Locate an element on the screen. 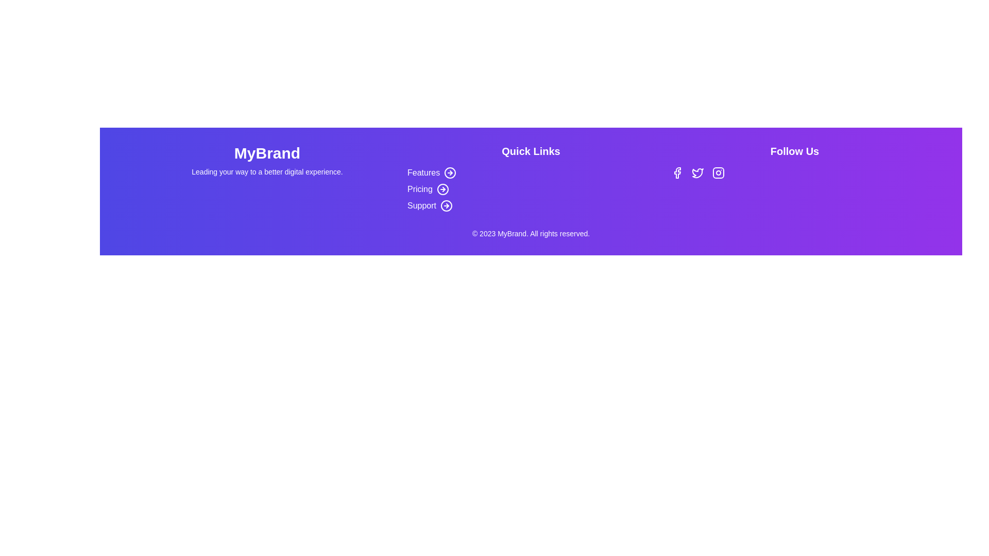 This screenshot has height=556, width=989. the icon button, which is a circular outline with a rightward-pointing arrow, located to the right of the 'Support' text in the footer section of the webpage is located at coordinates (447, 206).